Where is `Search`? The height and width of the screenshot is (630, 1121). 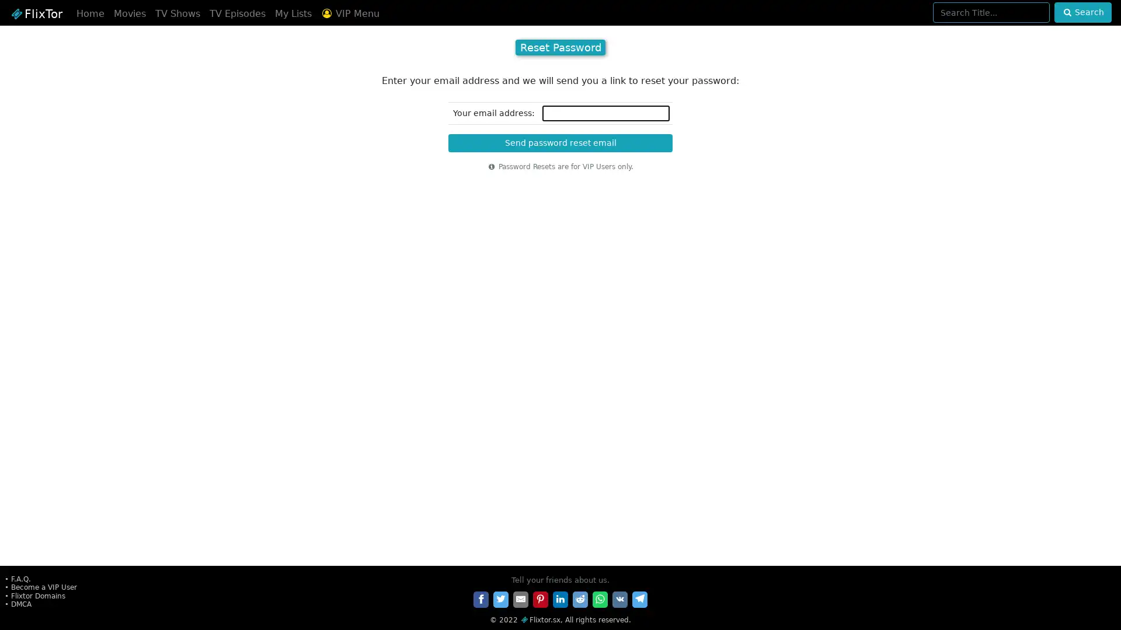
Search is located at coordinates (1082, 12).